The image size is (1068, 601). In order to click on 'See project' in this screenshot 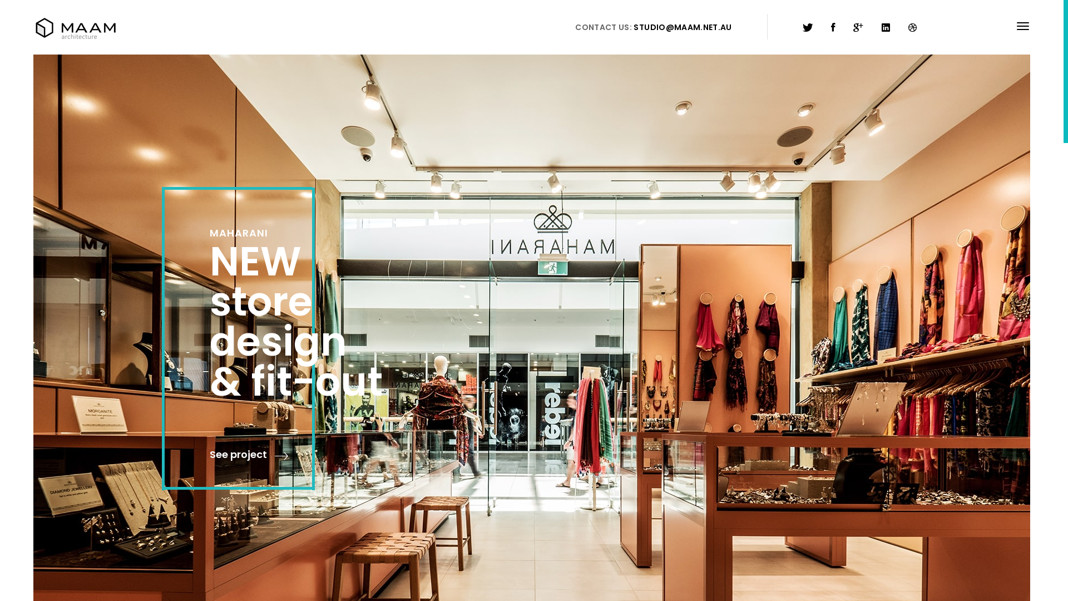, I will do `click(210, 455)`.